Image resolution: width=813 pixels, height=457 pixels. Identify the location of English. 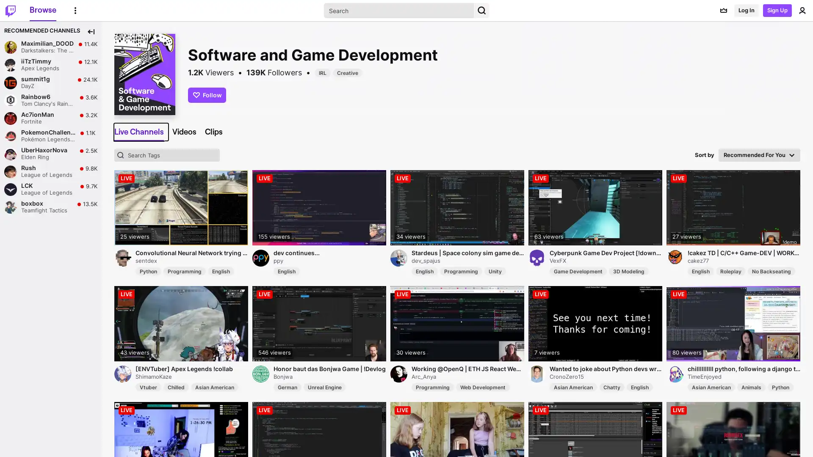
(286, 271).